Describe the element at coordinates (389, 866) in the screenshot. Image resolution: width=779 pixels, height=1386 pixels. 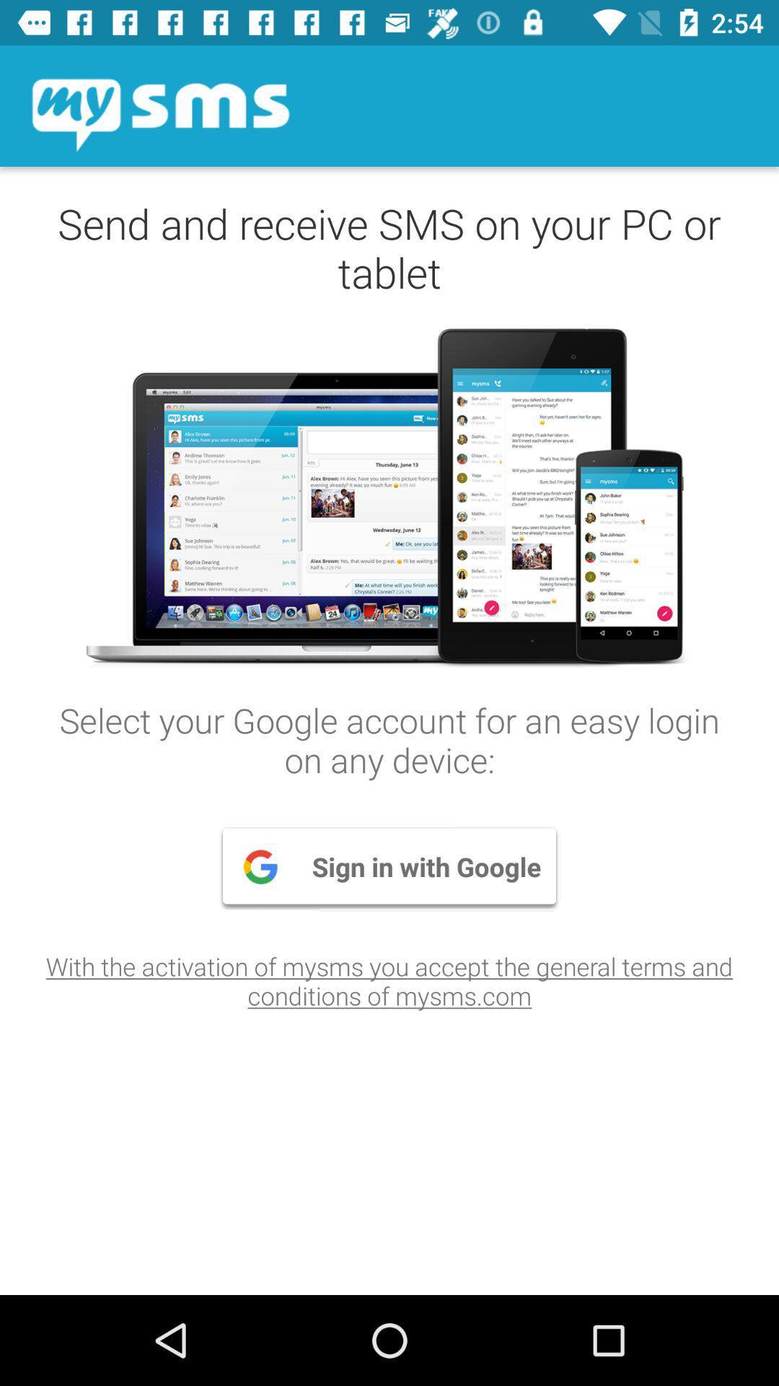
I see `icon below the select your google item` at that location.